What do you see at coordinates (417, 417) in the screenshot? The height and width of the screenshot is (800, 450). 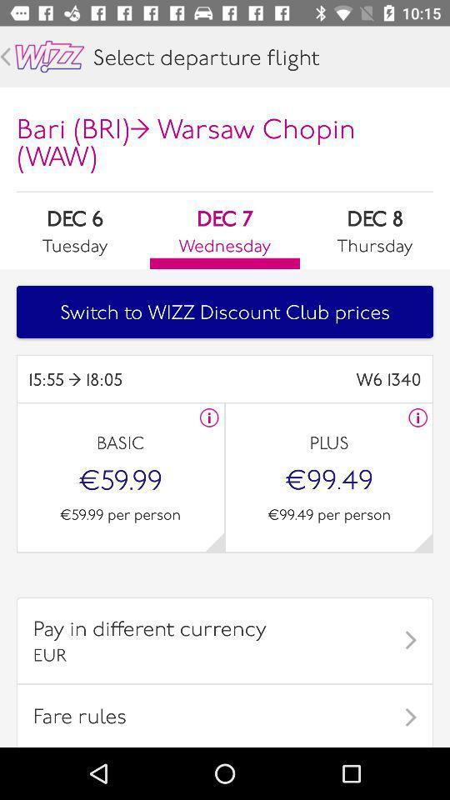 I see `show fare information` at bounding box center [417, 417].